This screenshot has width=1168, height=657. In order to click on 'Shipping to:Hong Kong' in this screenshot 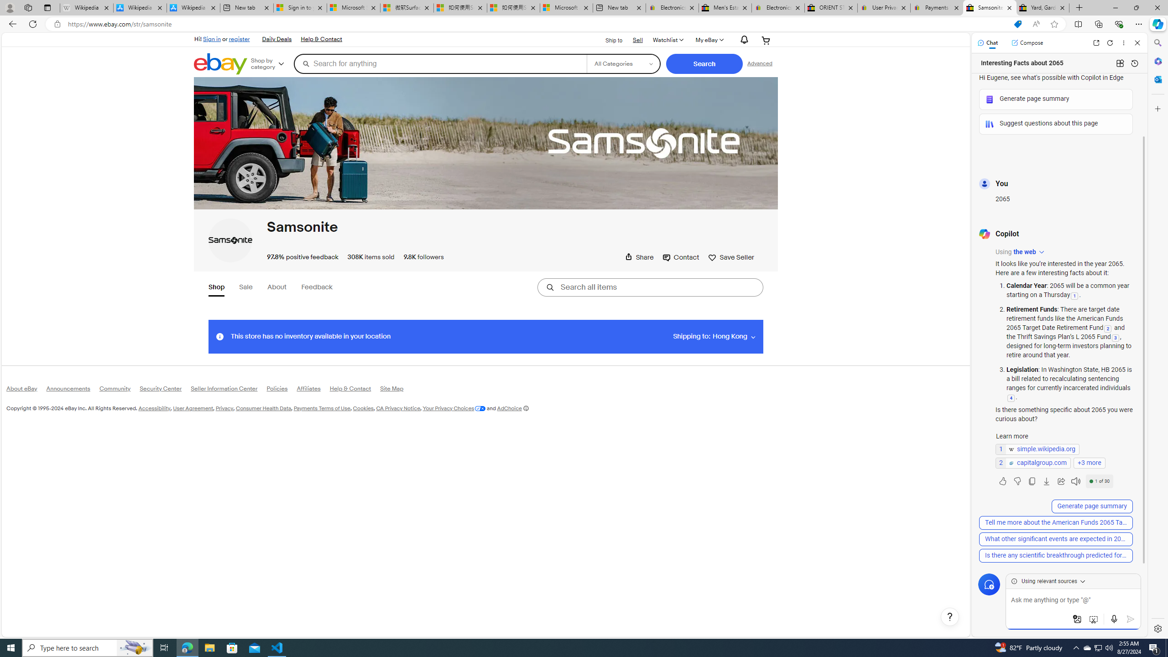, I will do `click(714, 336)`.